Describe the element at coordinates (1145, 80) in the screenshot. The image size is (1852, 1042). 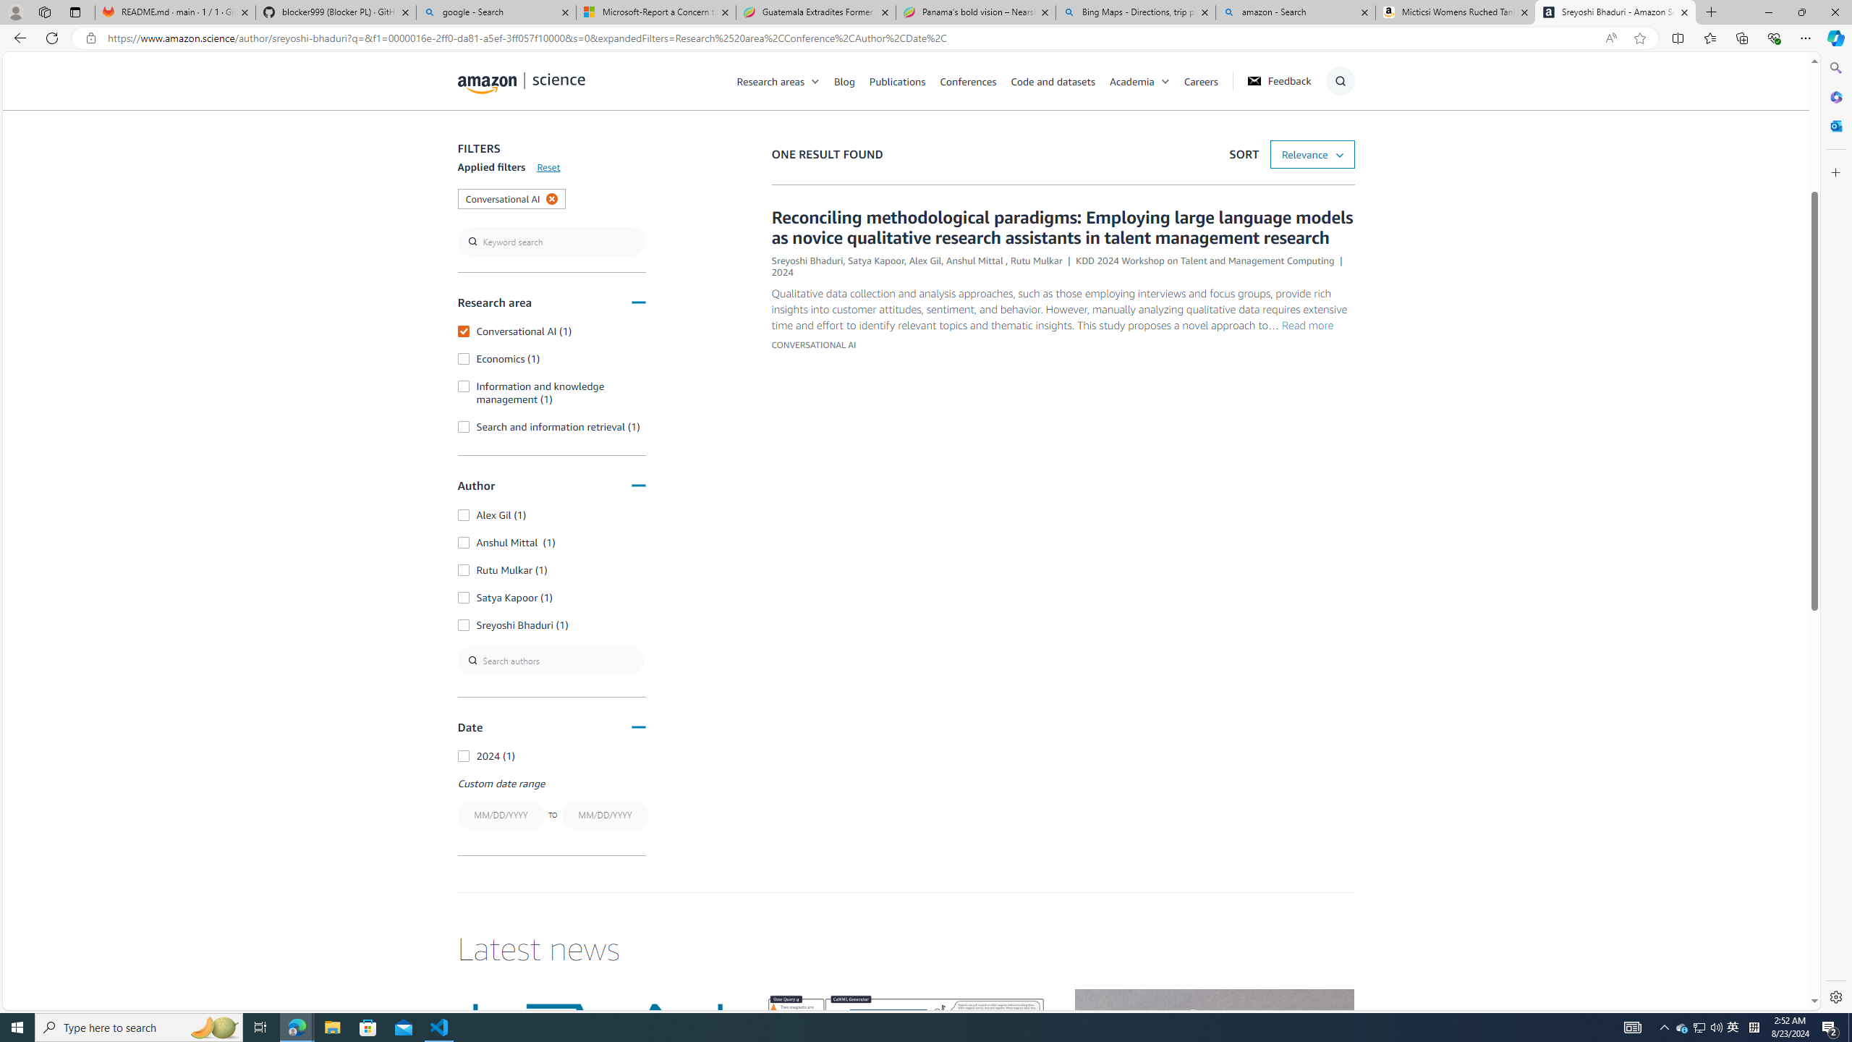
I see `'Academia'` at that location.